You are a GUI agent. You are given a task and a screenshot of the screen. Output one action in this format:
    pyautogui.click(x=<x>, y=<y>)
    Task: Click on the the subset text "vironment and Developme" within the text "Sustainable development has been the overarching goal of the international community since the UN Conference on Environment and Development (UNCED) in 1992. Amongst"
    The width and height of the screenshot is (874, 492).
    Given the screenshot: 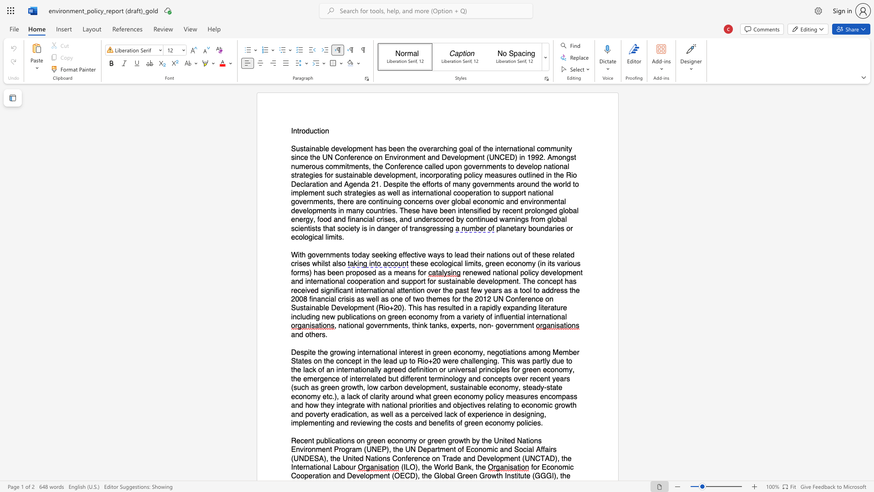 What is the action you would take?
    pyautogui.click(x=393, y=157)
    